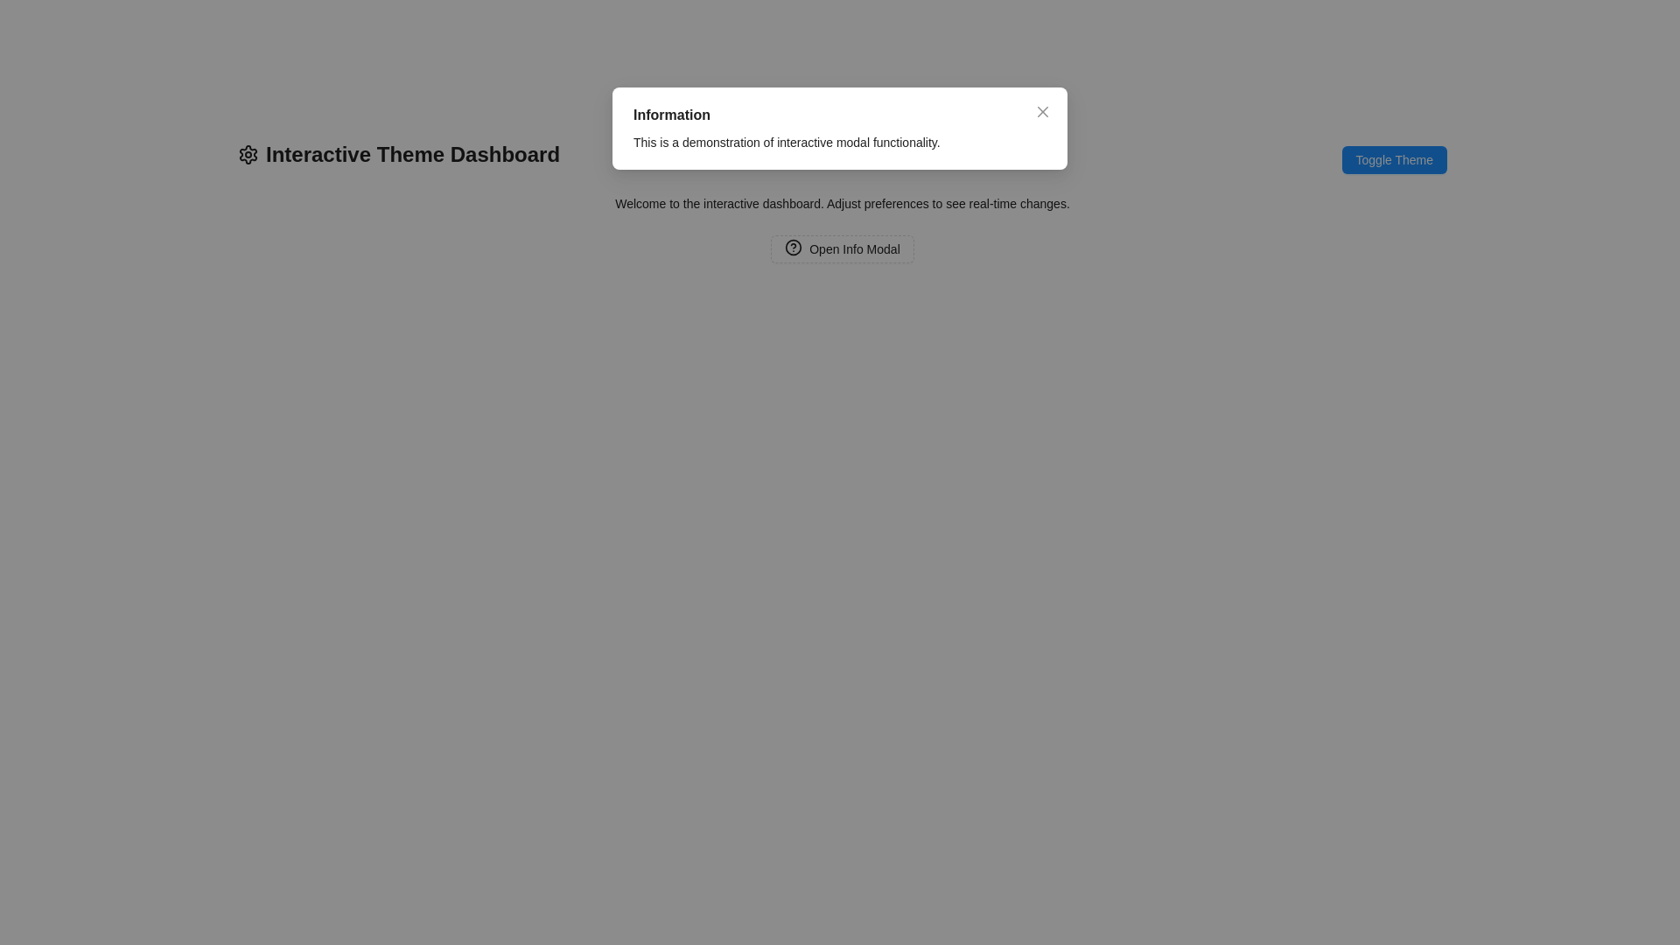 This screenshot has width=1680, height=945. I want to click on the 'Toggle Theme' button with a blue background and white text, so click(1393, 159).